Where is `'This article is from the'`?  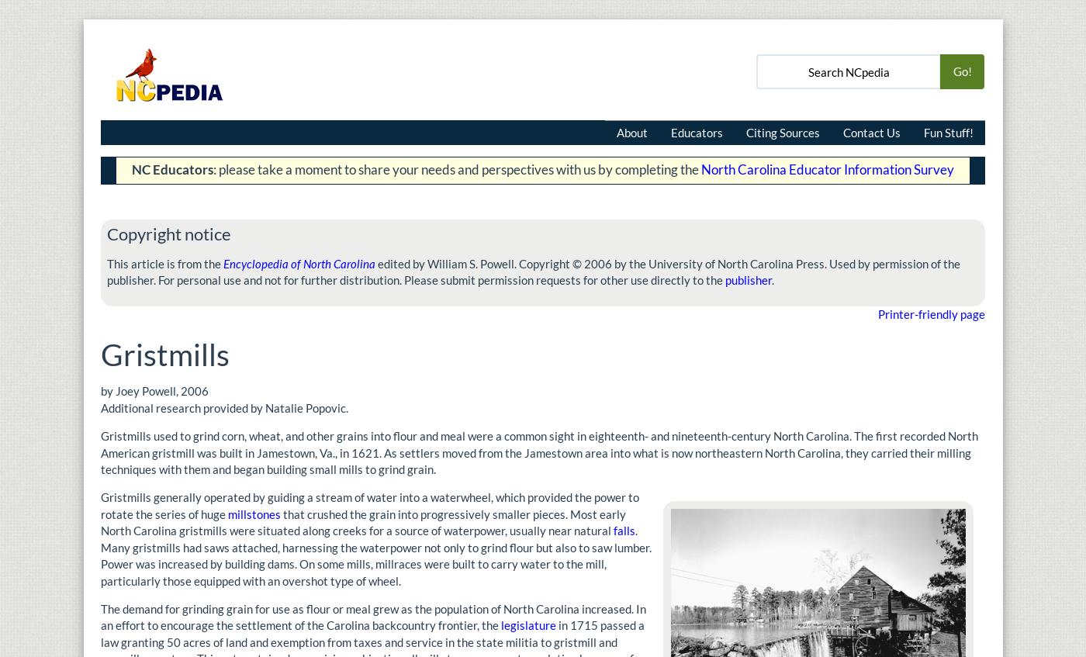 'This article is from the' is located at coordinates (106, 262).